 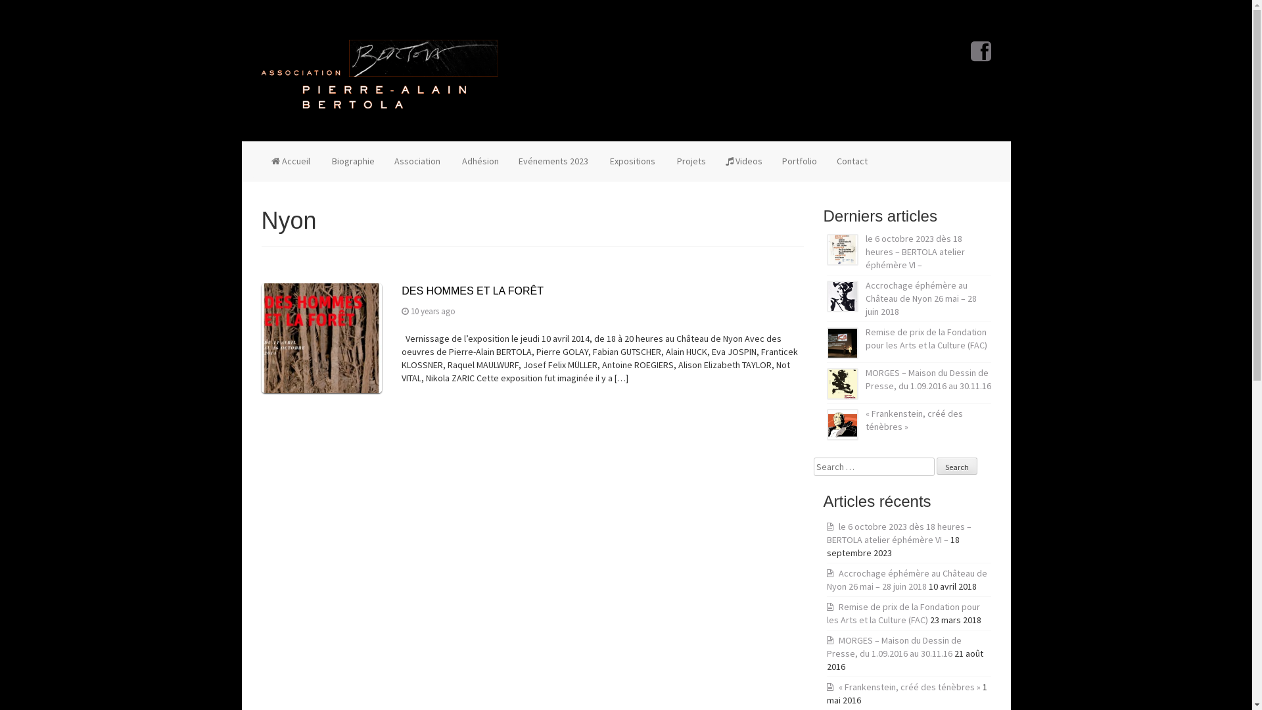 I want to click on 'Facebook', so click(x=970, y=55).